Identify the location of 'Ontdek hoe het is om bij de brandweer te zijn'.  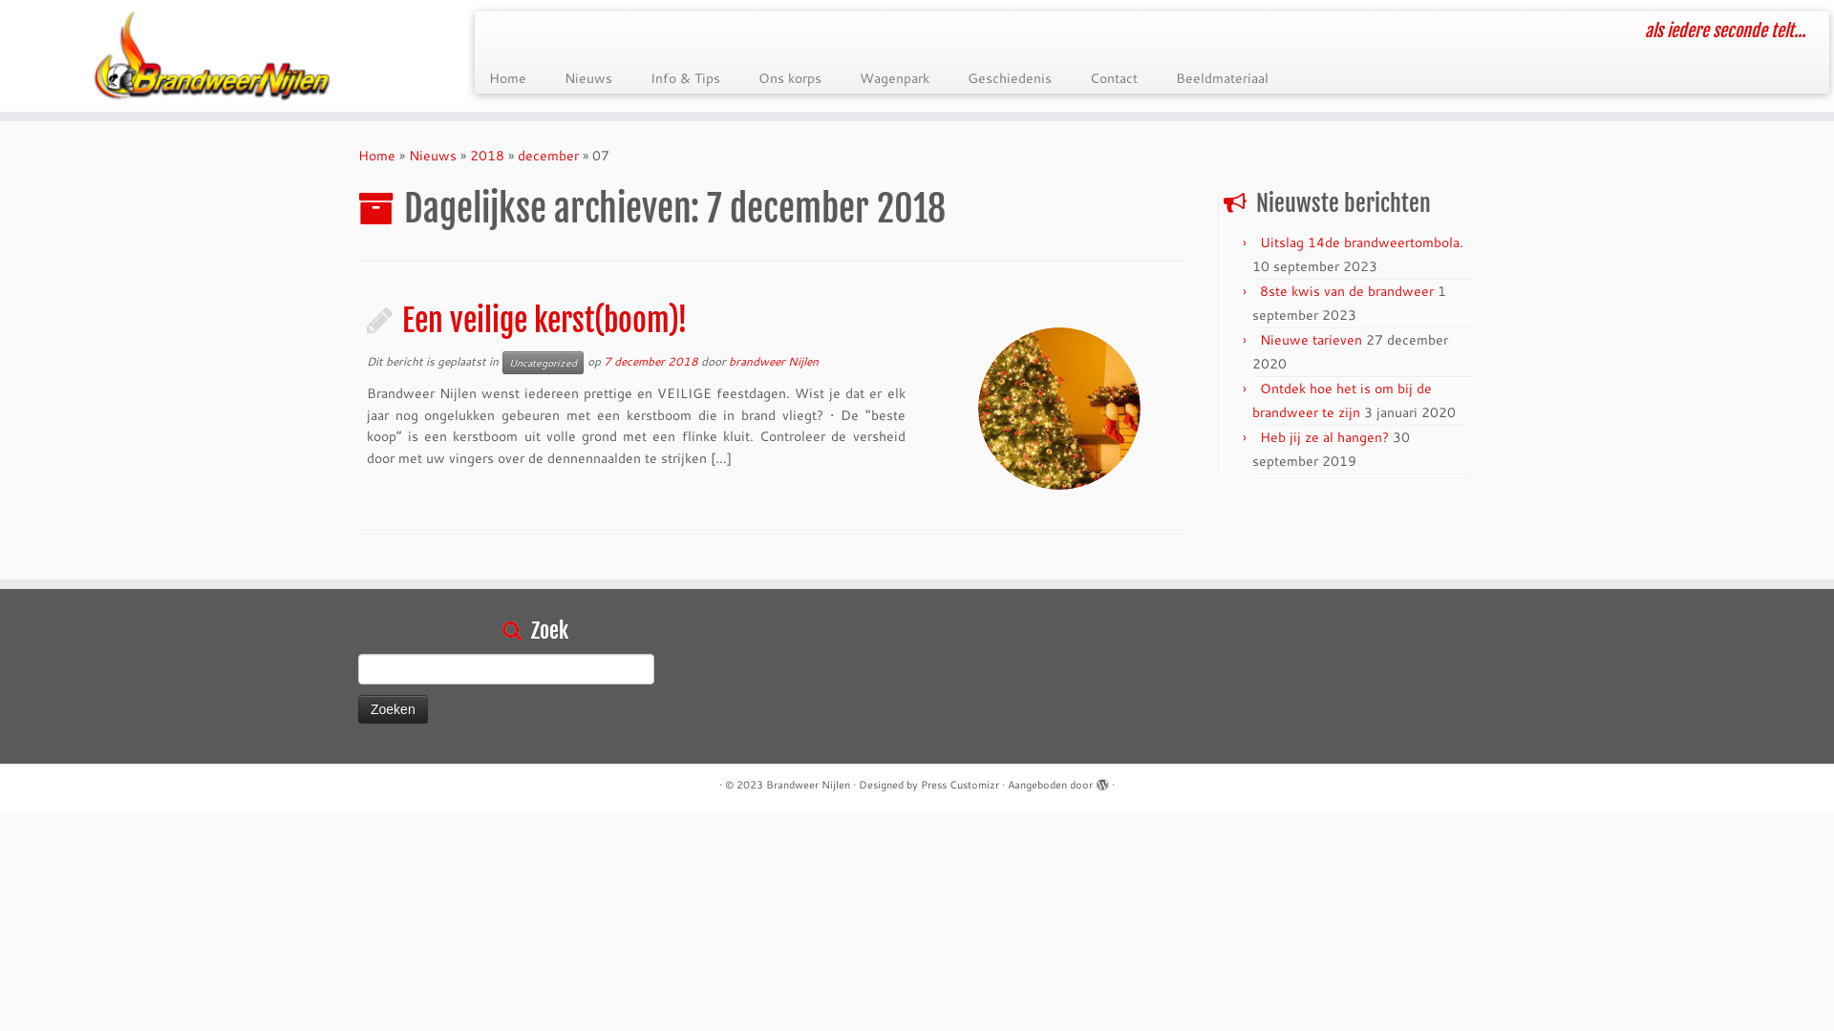
(1341, 399).